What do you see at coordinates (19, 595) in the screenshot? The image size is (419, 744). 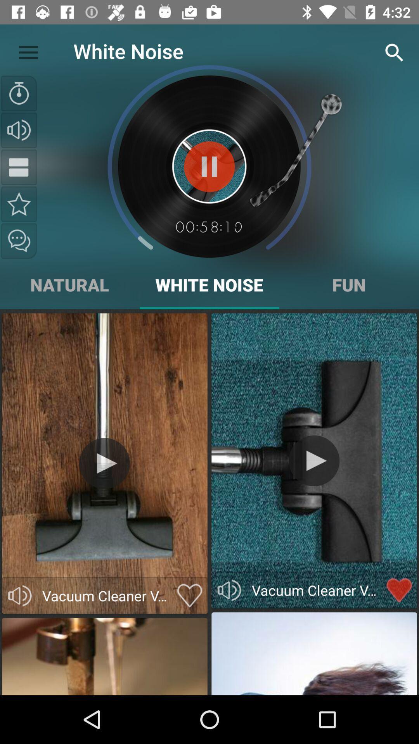 I see `sound` at bounding box center [19, 595].